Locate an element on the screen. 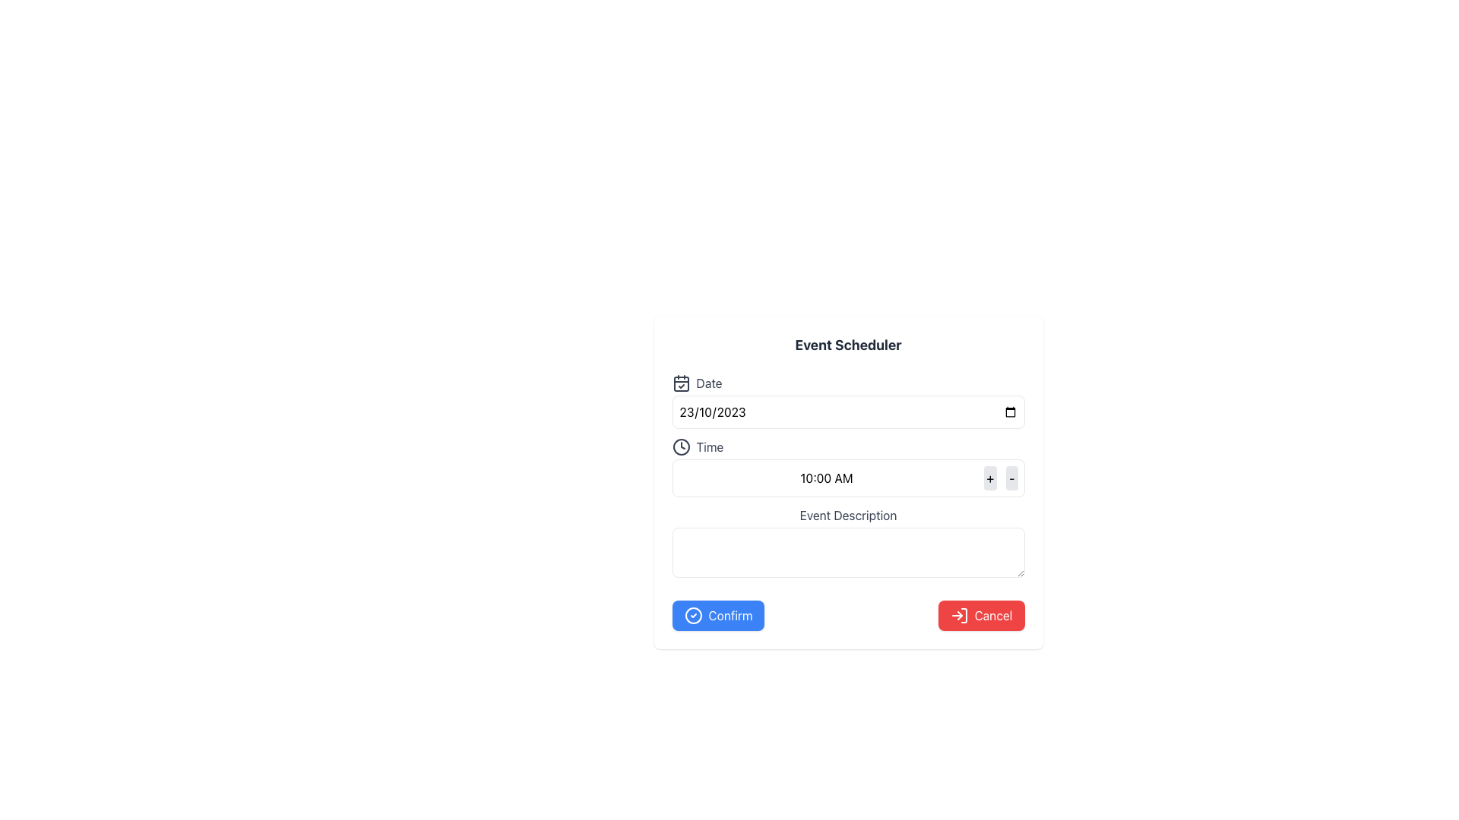 Image resolution: width=1459 pixels, height=820 pixels. the text field of the Time selector located under the 'Date' section and above the 'Event Description' section in the 'Event Scheduler' to focus on it is located at coordinates (847, 467).